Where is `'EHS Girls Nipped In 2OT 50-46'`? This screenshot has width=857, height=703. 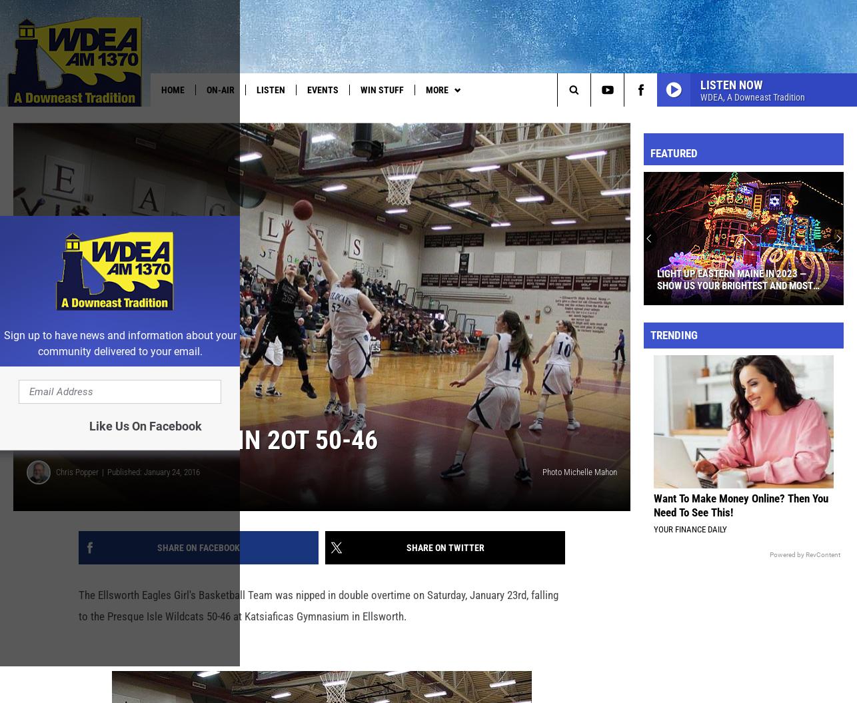
'EHS Girls Nipped In 2OT 50-46' is located at coordinates (202, 460).